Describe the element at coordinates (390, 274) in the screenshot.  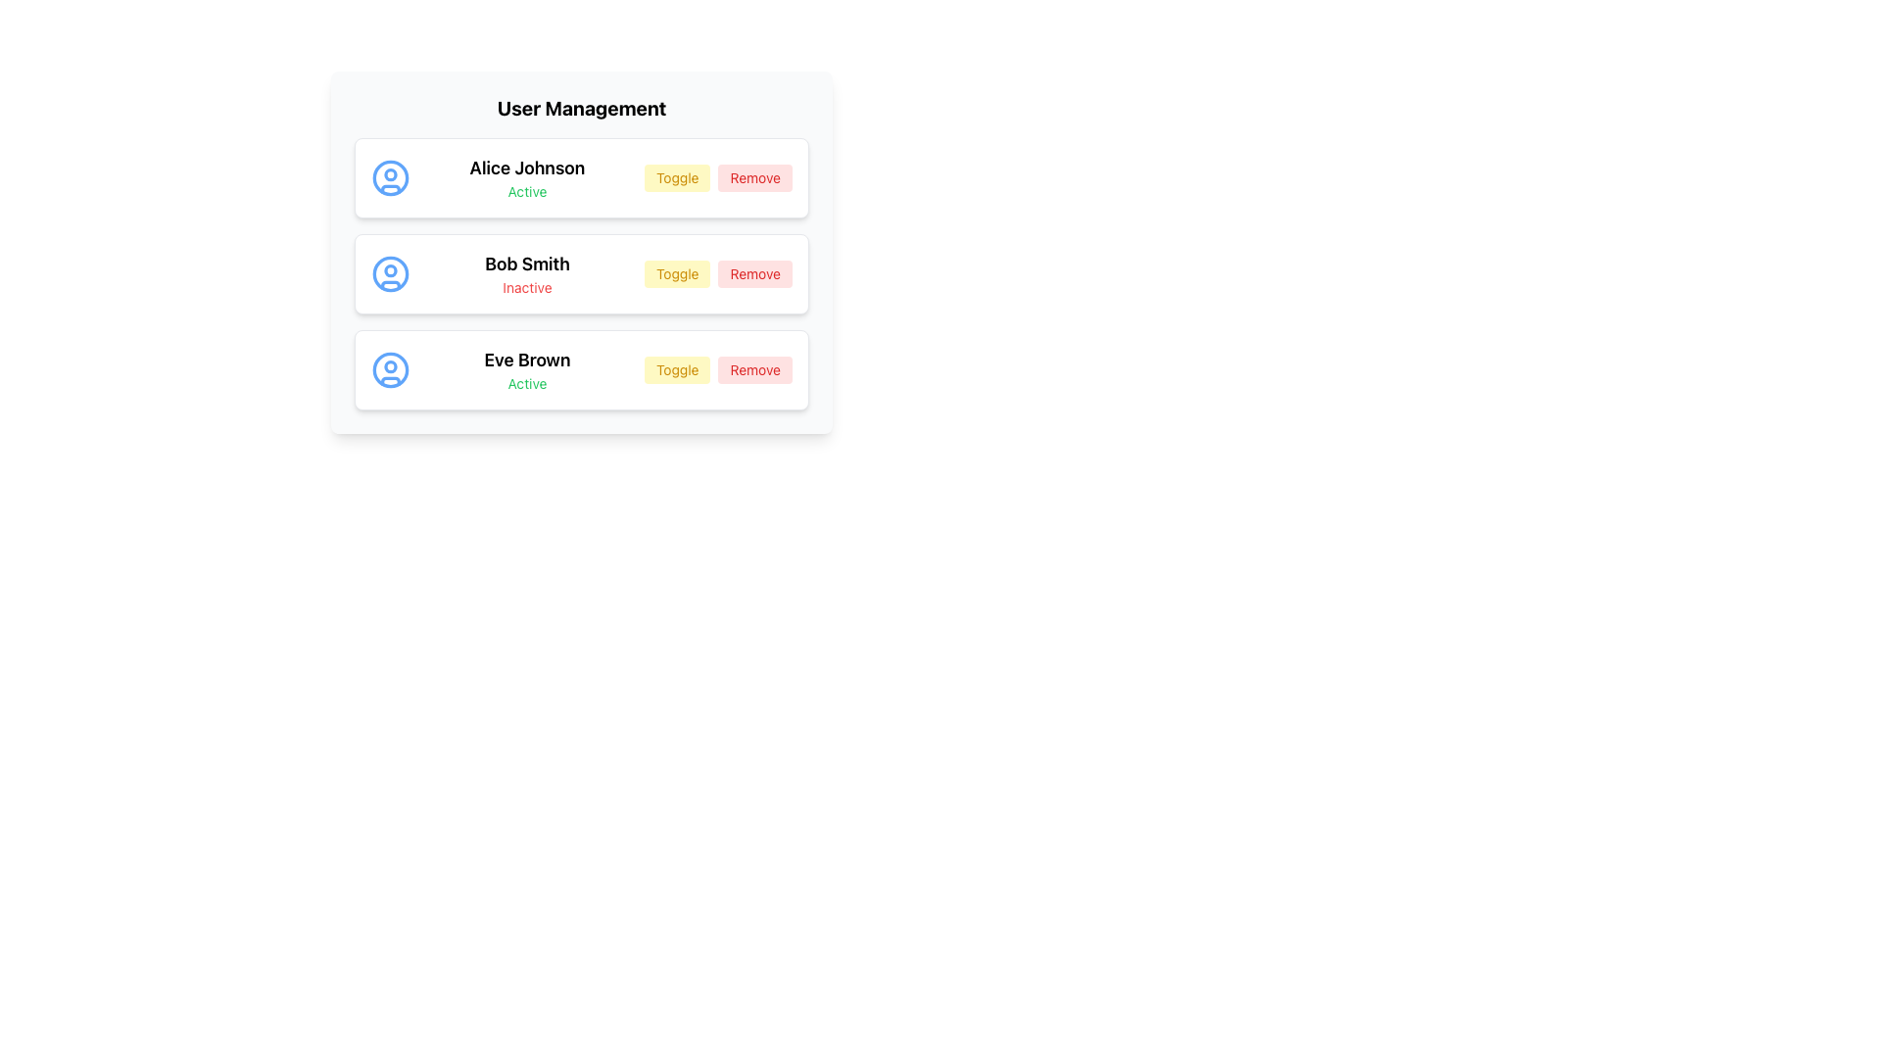
I see `the blue circular user profile icon for Bob Smith, which is the first element in the row displaying user details` at that location.